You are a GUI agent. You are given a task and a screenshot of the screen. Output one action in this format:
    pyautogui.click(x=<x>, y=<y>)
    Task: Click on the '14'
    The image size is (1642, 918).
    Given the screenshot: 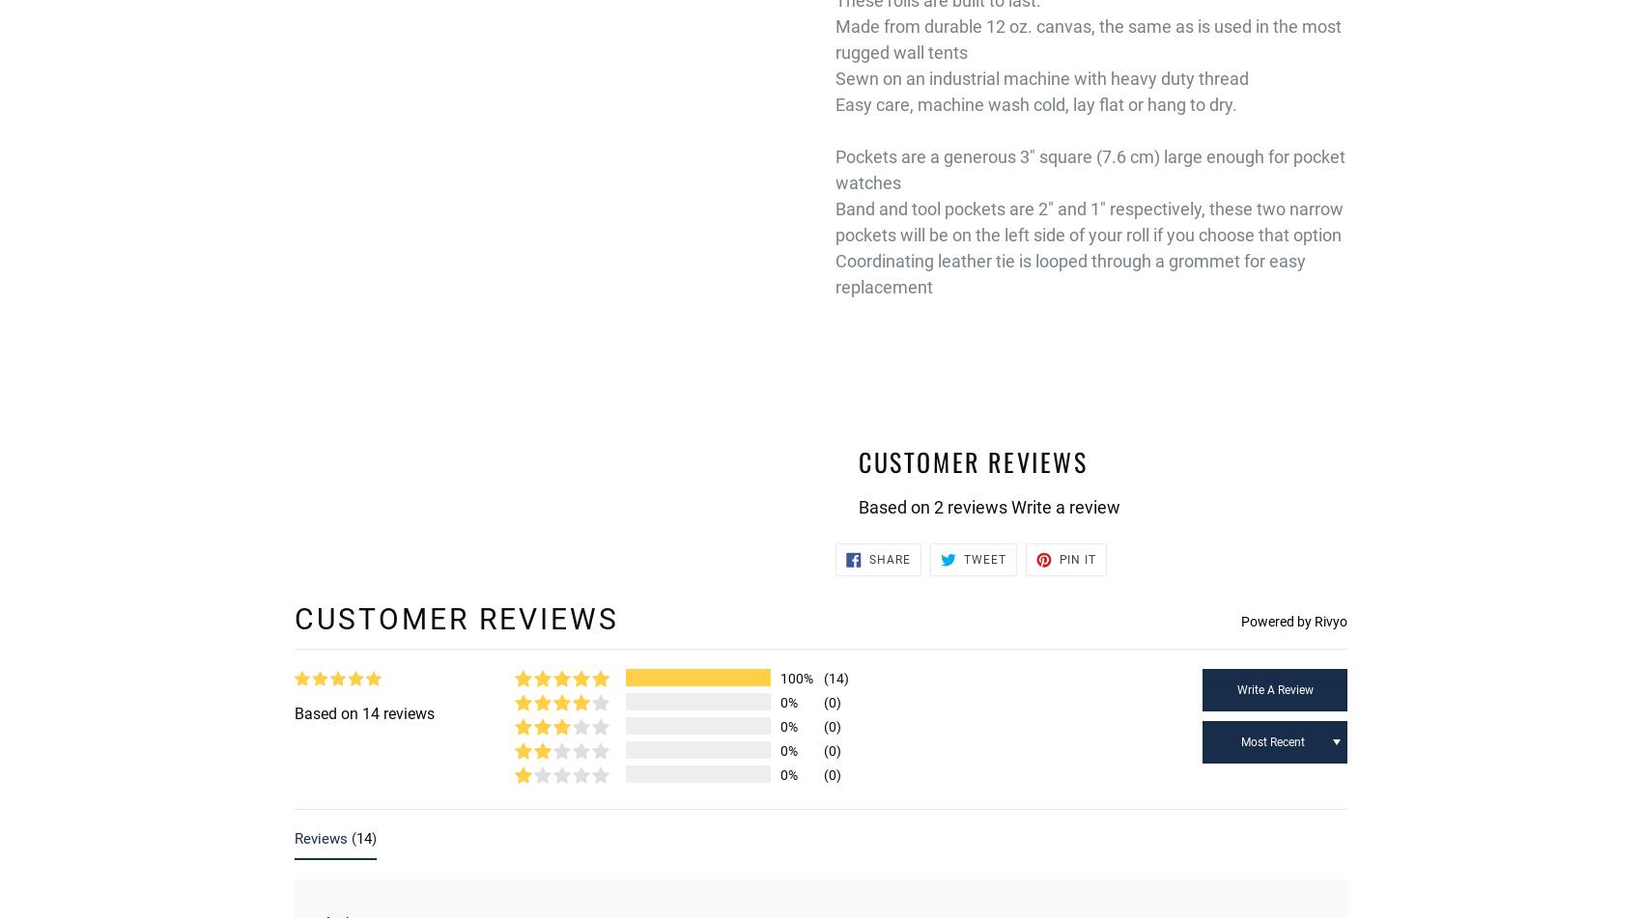 What is the action you would take?
    pyautogui.click(x=355, y=836)
    